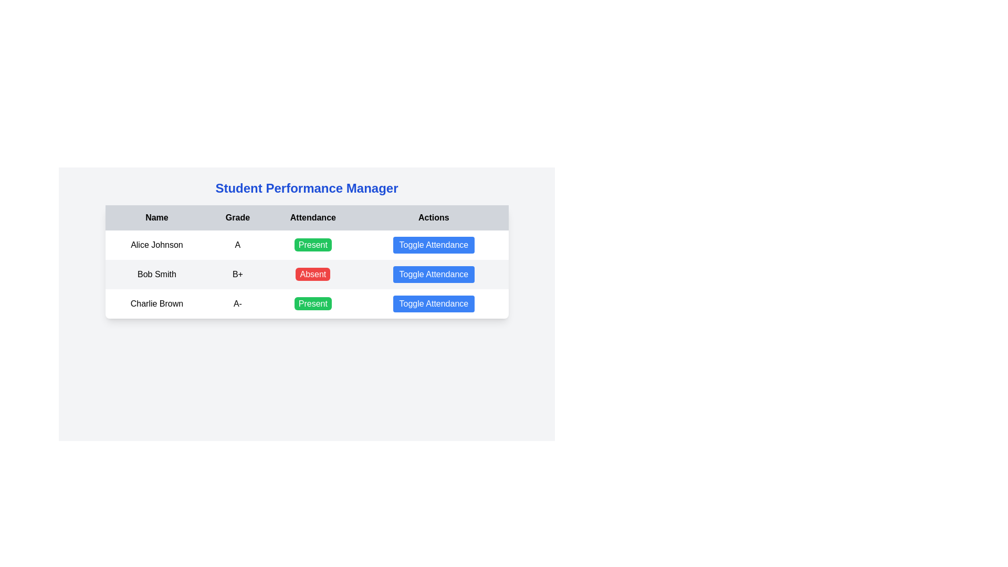  Describe the element at coordinates (306, 303) in the screenshot. I see `the row representing the student 'Charlie Brown' in the 'Student Performance Manager' table` at that location.